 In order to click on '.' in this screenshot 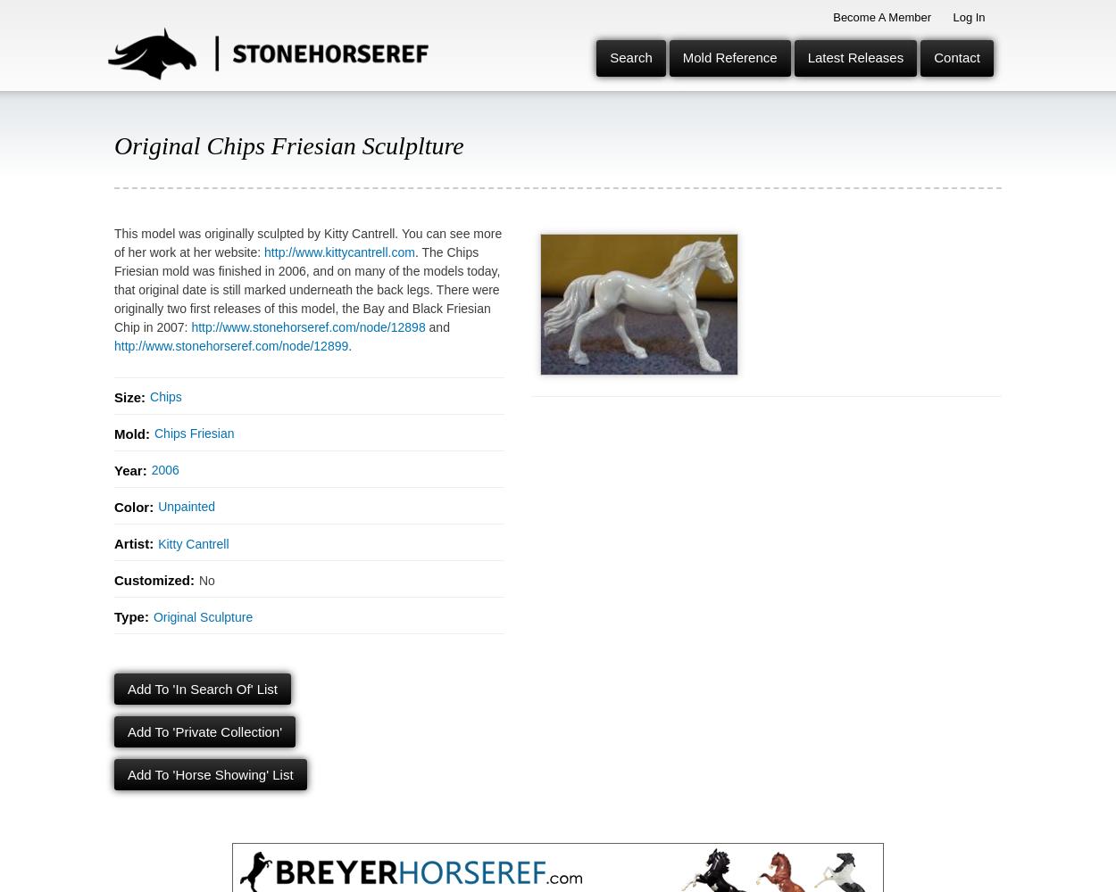, I will do `click(350, 346)`.